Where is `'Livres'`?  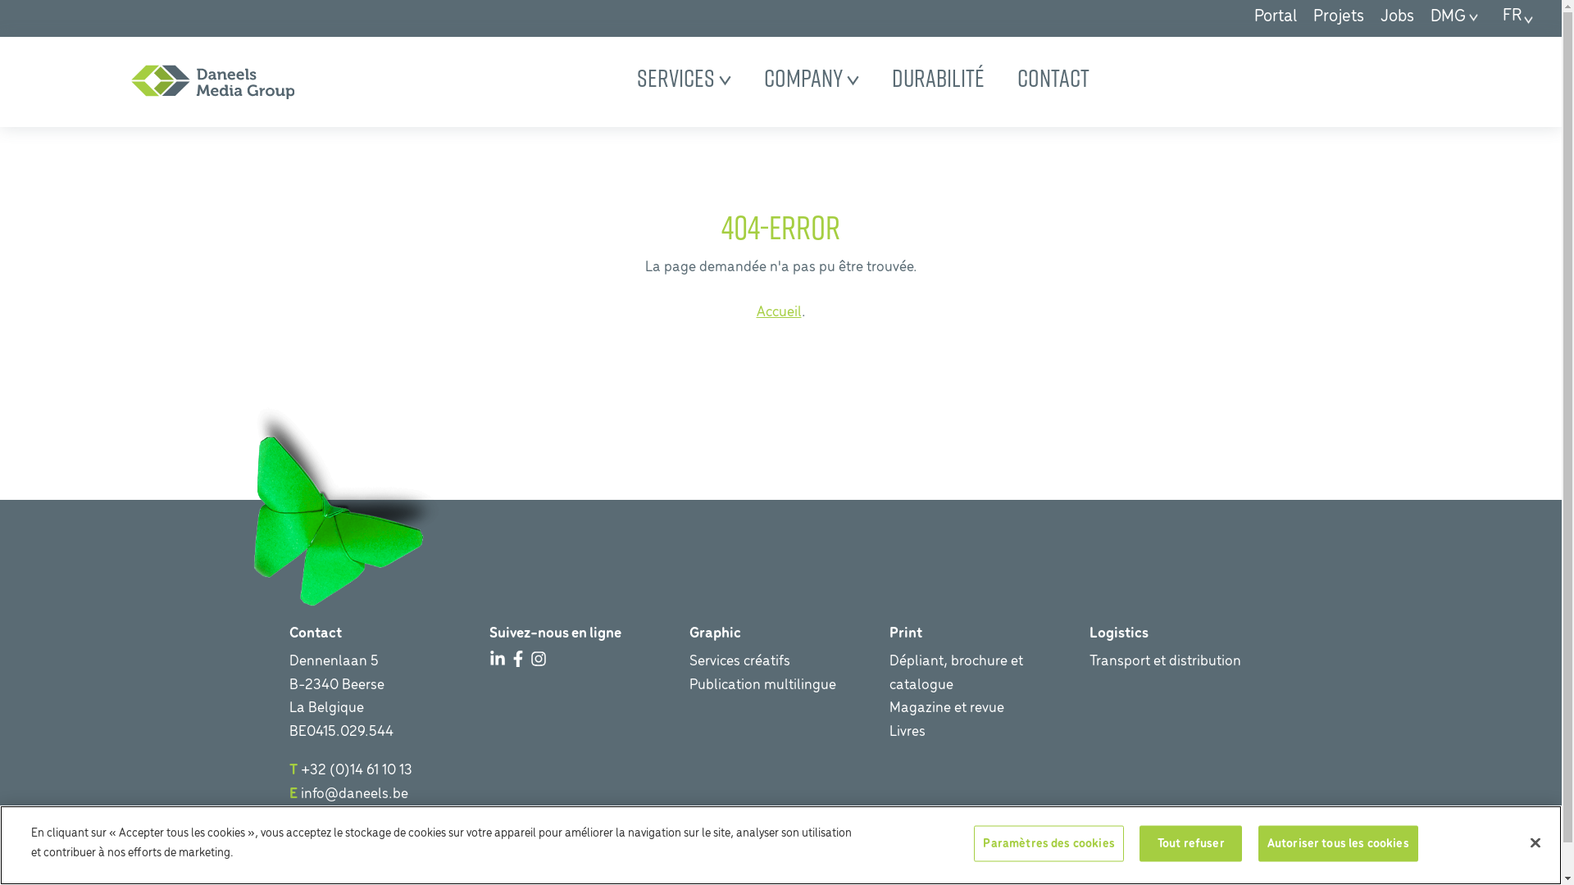
'Livres' is located at coordinates (905, 731).